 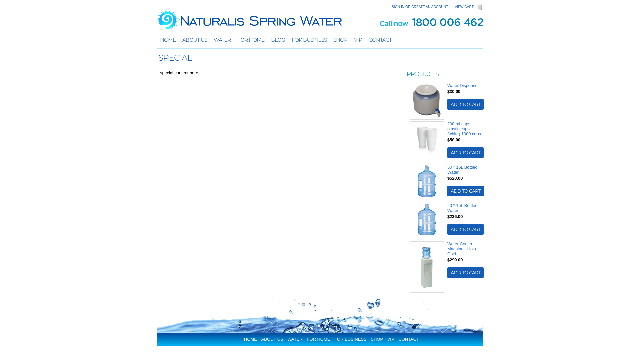 I want to click on 'ABOUT US', so click(x=194, y=40).